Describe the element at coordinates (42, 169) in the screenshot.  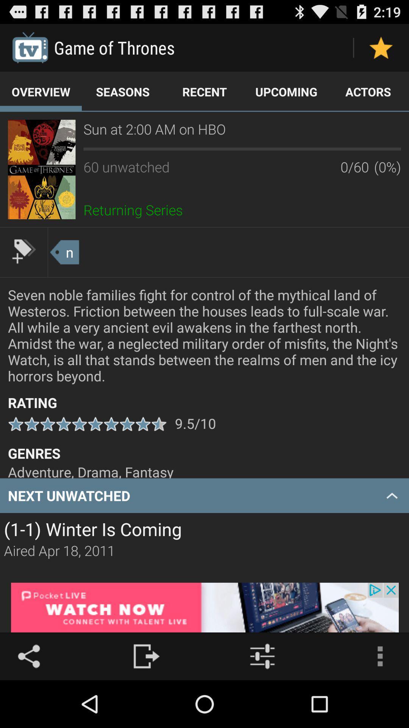
I see `game of thrones series cover art` at that location.